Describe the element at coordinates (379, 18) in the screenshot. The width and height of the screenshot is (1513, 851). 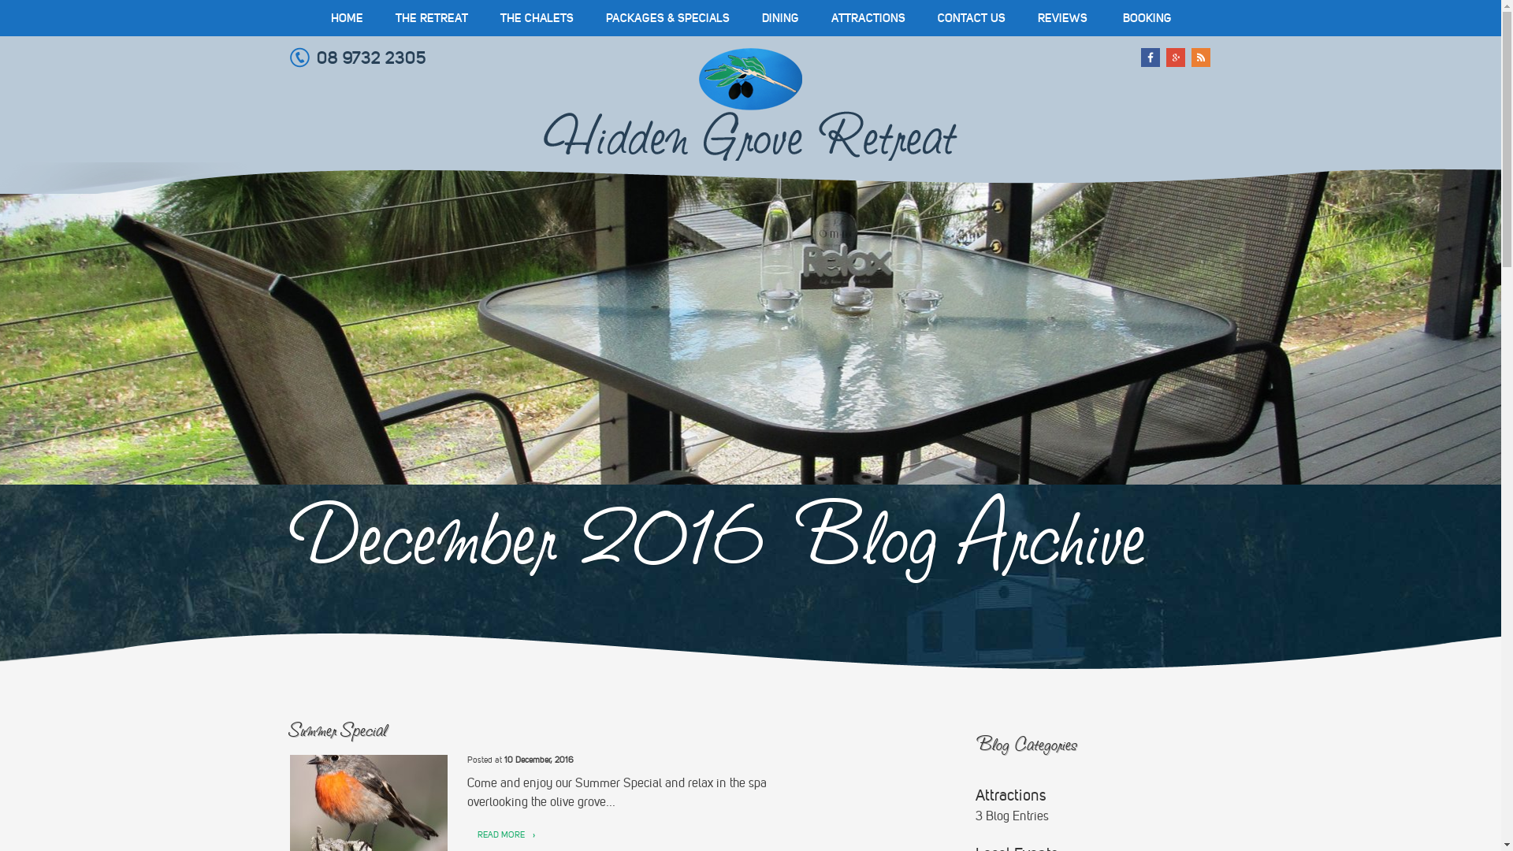
I see `'THE RETREAT'` at that location.